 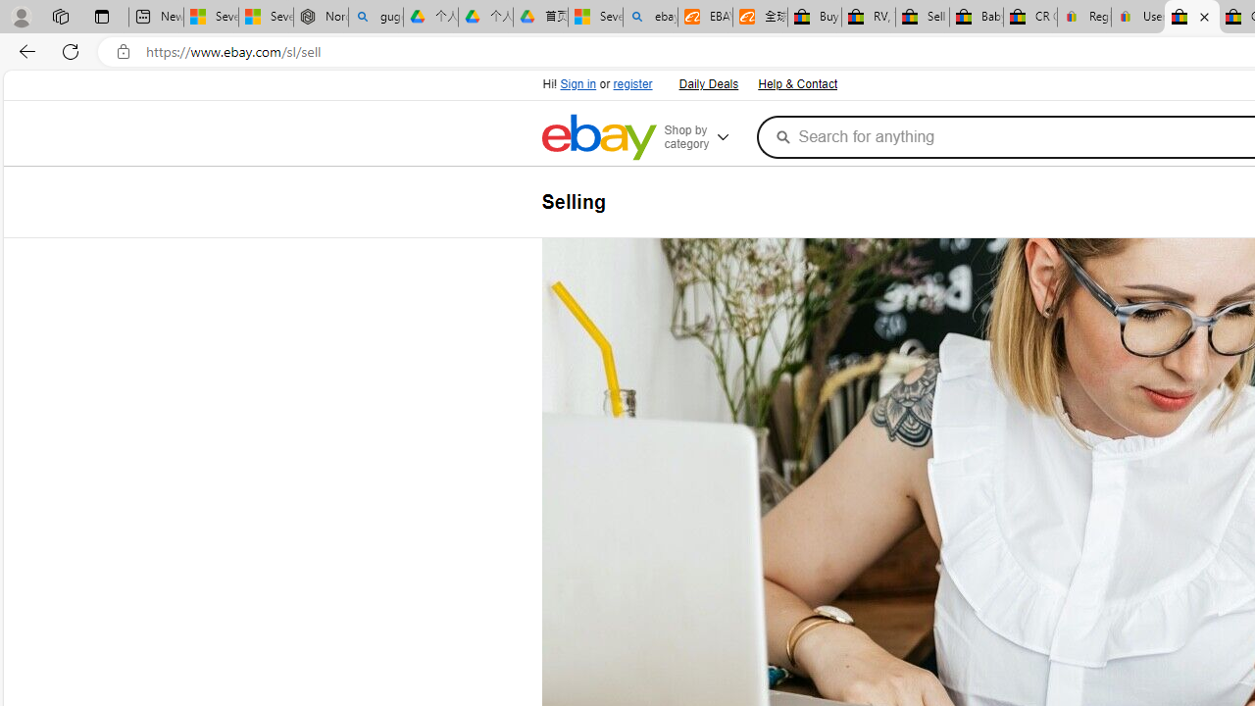 I want to click on 'guge yunpan - Search', so click(x=376, y=17).